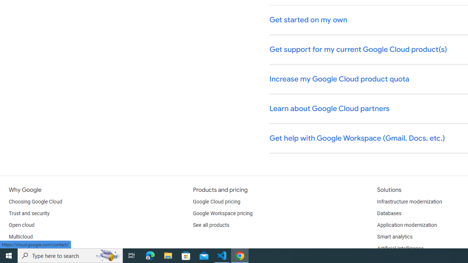 This screenshot has width=468, height=263. I want to click on 'Trust and security', so click(29, 214).